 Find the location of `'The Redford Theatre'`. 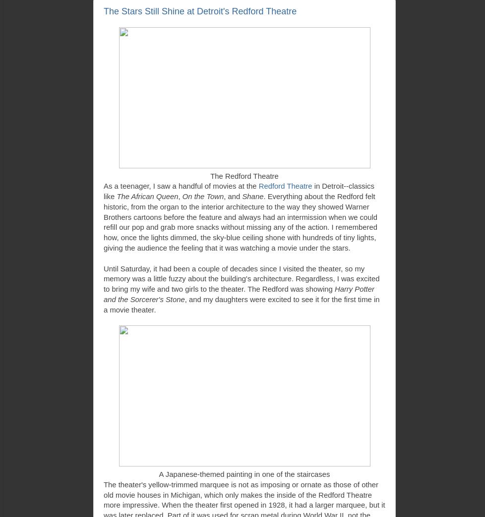

'The Redford Theatre' is located at coordinates (244, 175).